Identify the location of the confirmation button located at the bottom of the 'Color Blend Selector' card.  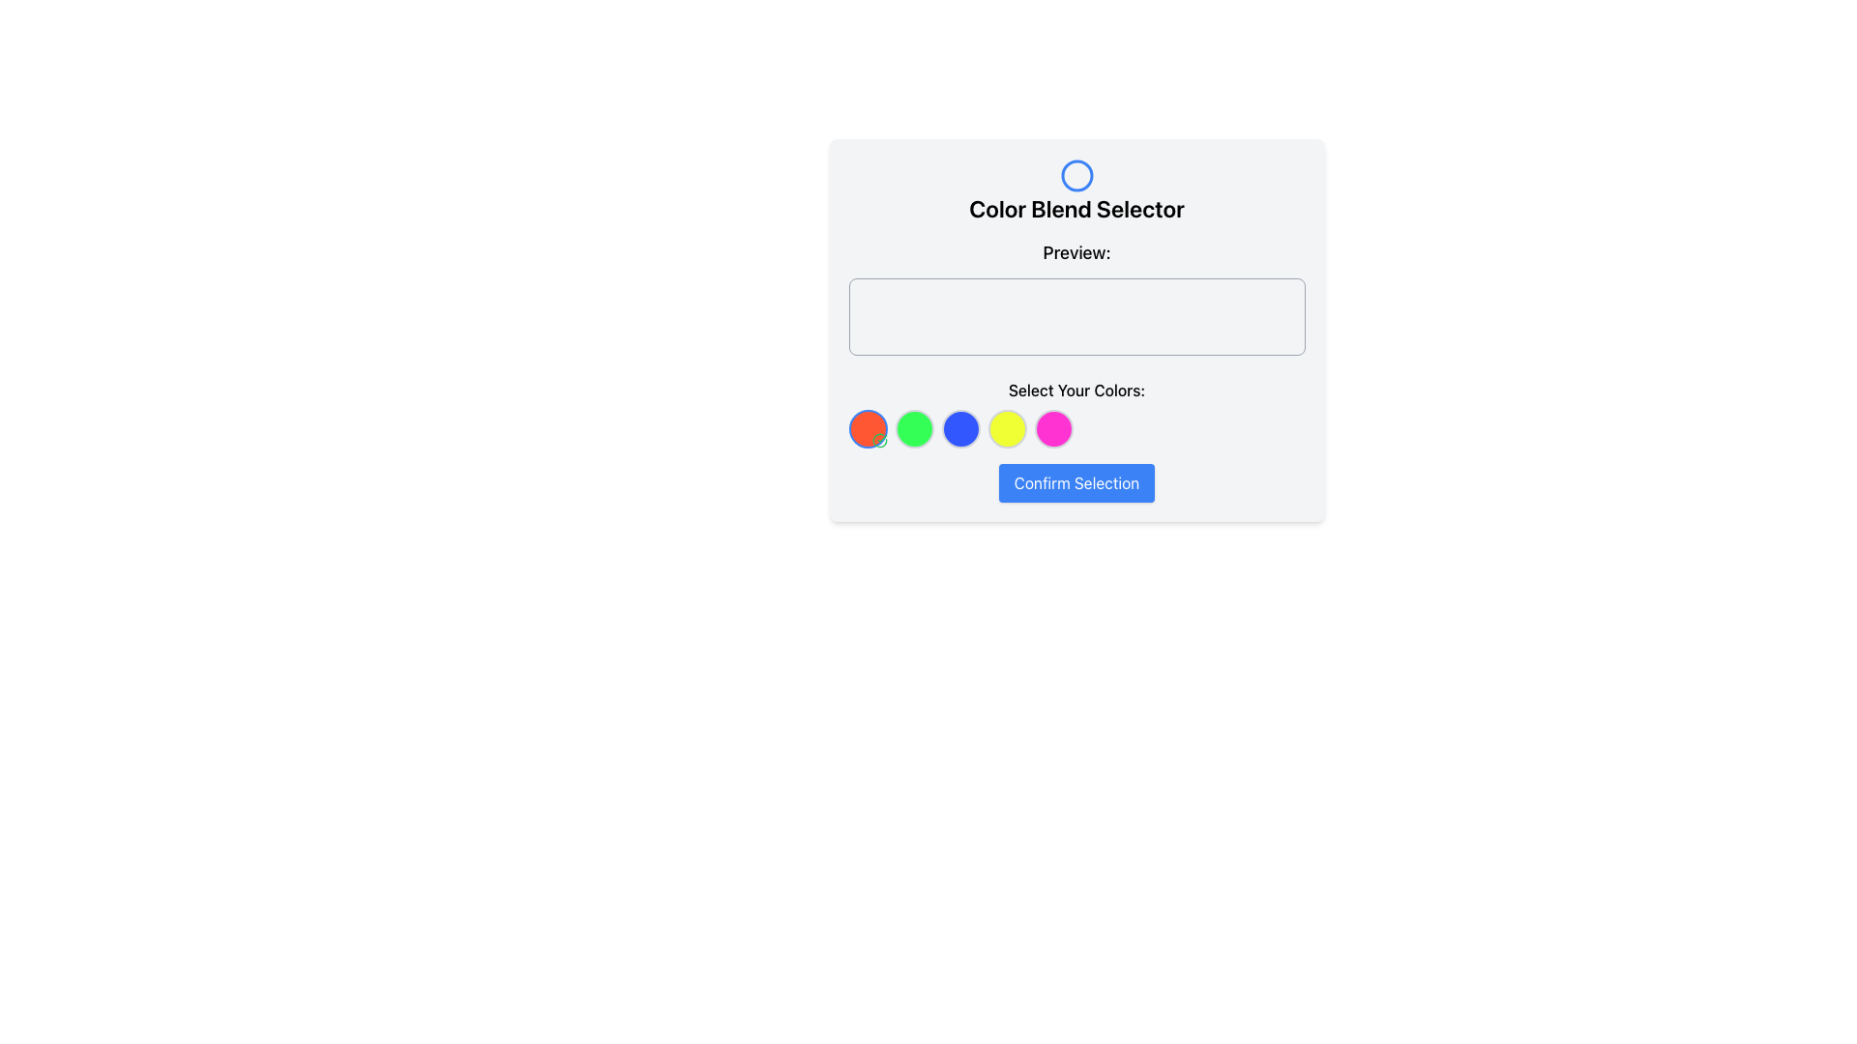
(1076, 482).